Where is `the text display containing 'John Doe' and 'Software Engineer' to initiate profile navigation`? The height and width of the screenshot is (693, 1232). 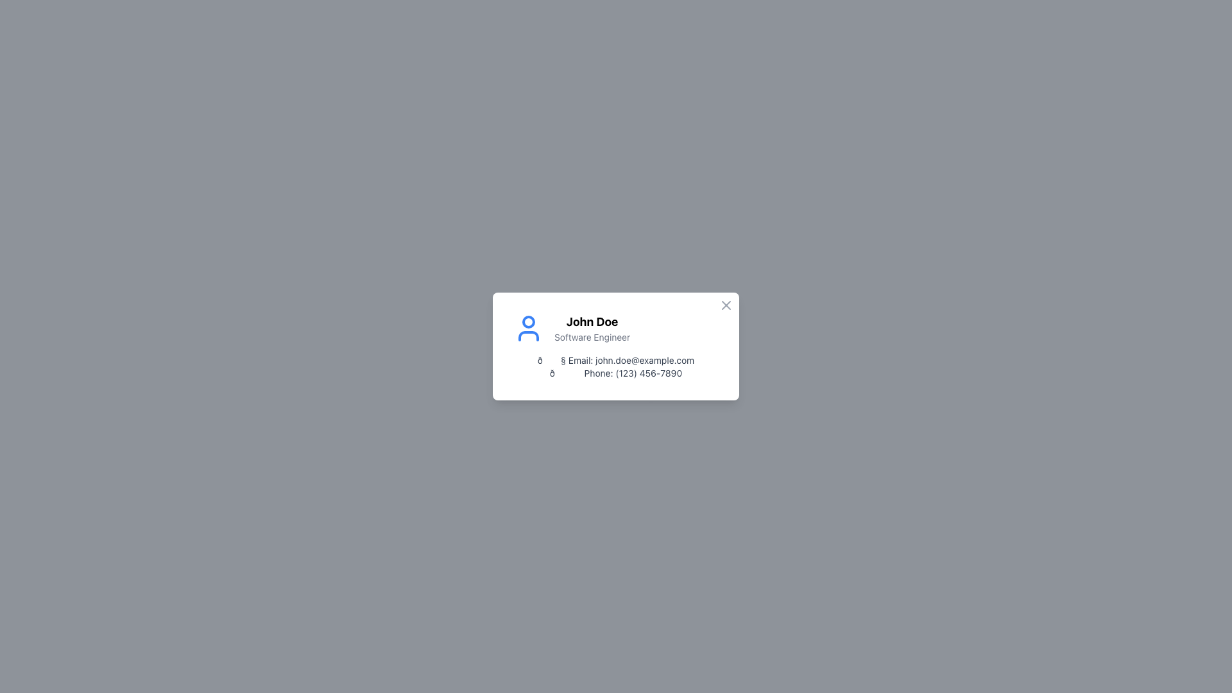 the text display containing 'John Doe' and 'Software Engineer' to initiate profile navigation is located at coordinates (592, 328).